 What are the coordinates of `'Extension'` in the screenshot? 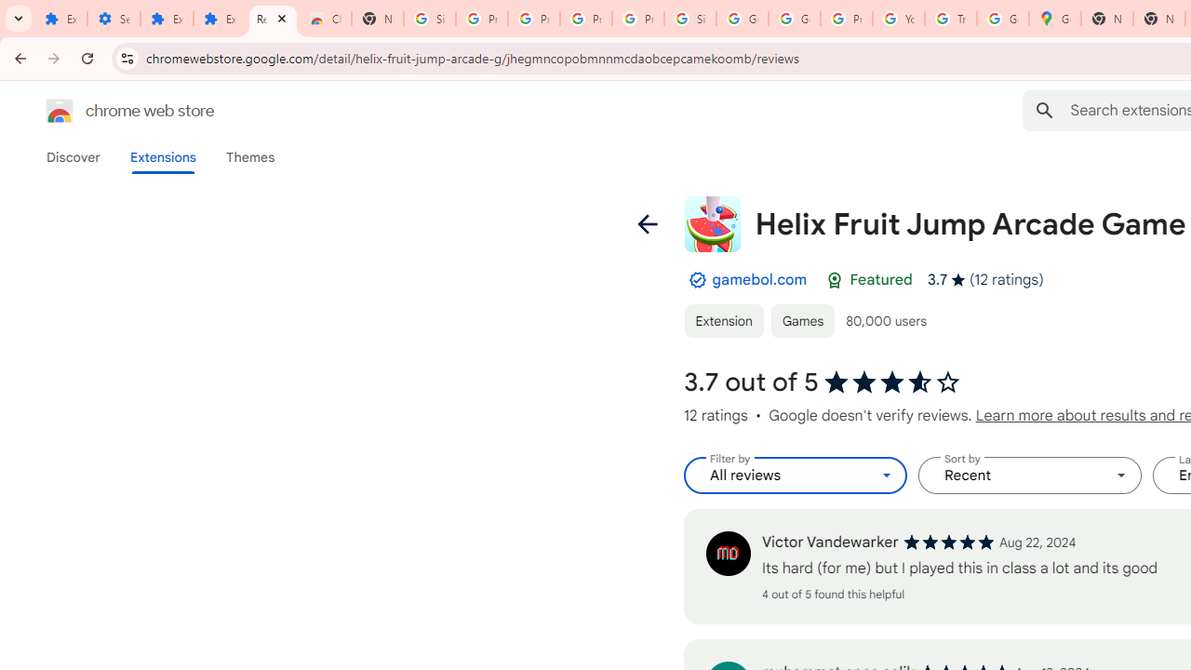 It's located at (722, 319).